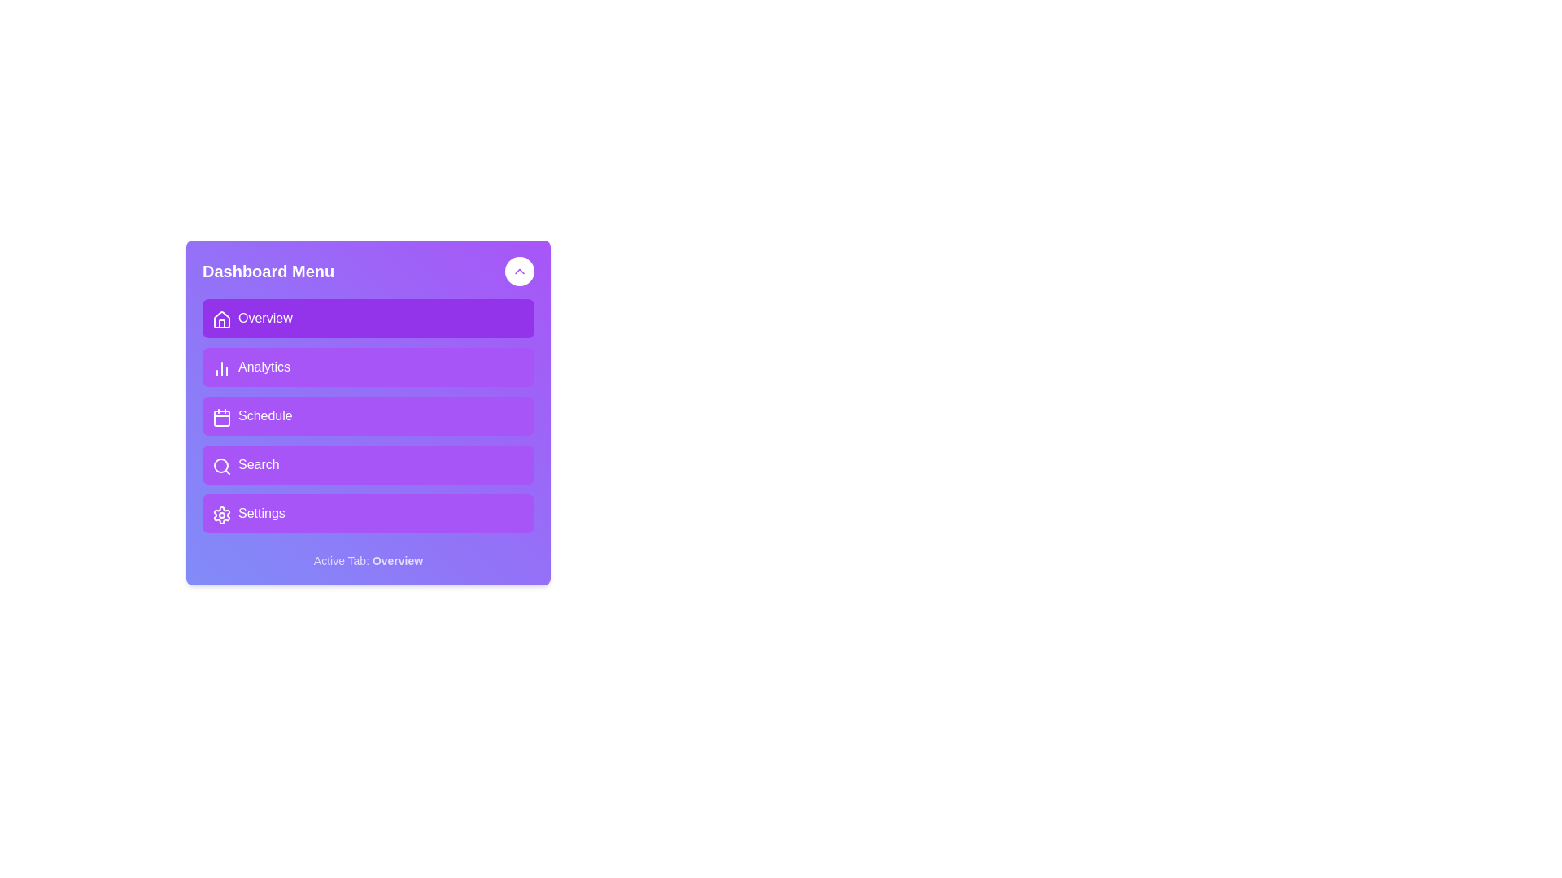  What do you see at coordinates (221, 467) in the screenshot?
I see `the search icon represented by a circular magnifying glass in the vertical navigation menu to initiate a search` at bounding box center [221, 467].